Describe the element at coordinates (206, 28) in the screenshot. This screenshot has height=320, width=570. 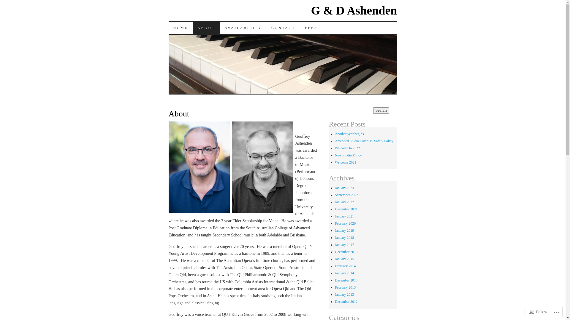
I see `'ABOUT'` at that location.